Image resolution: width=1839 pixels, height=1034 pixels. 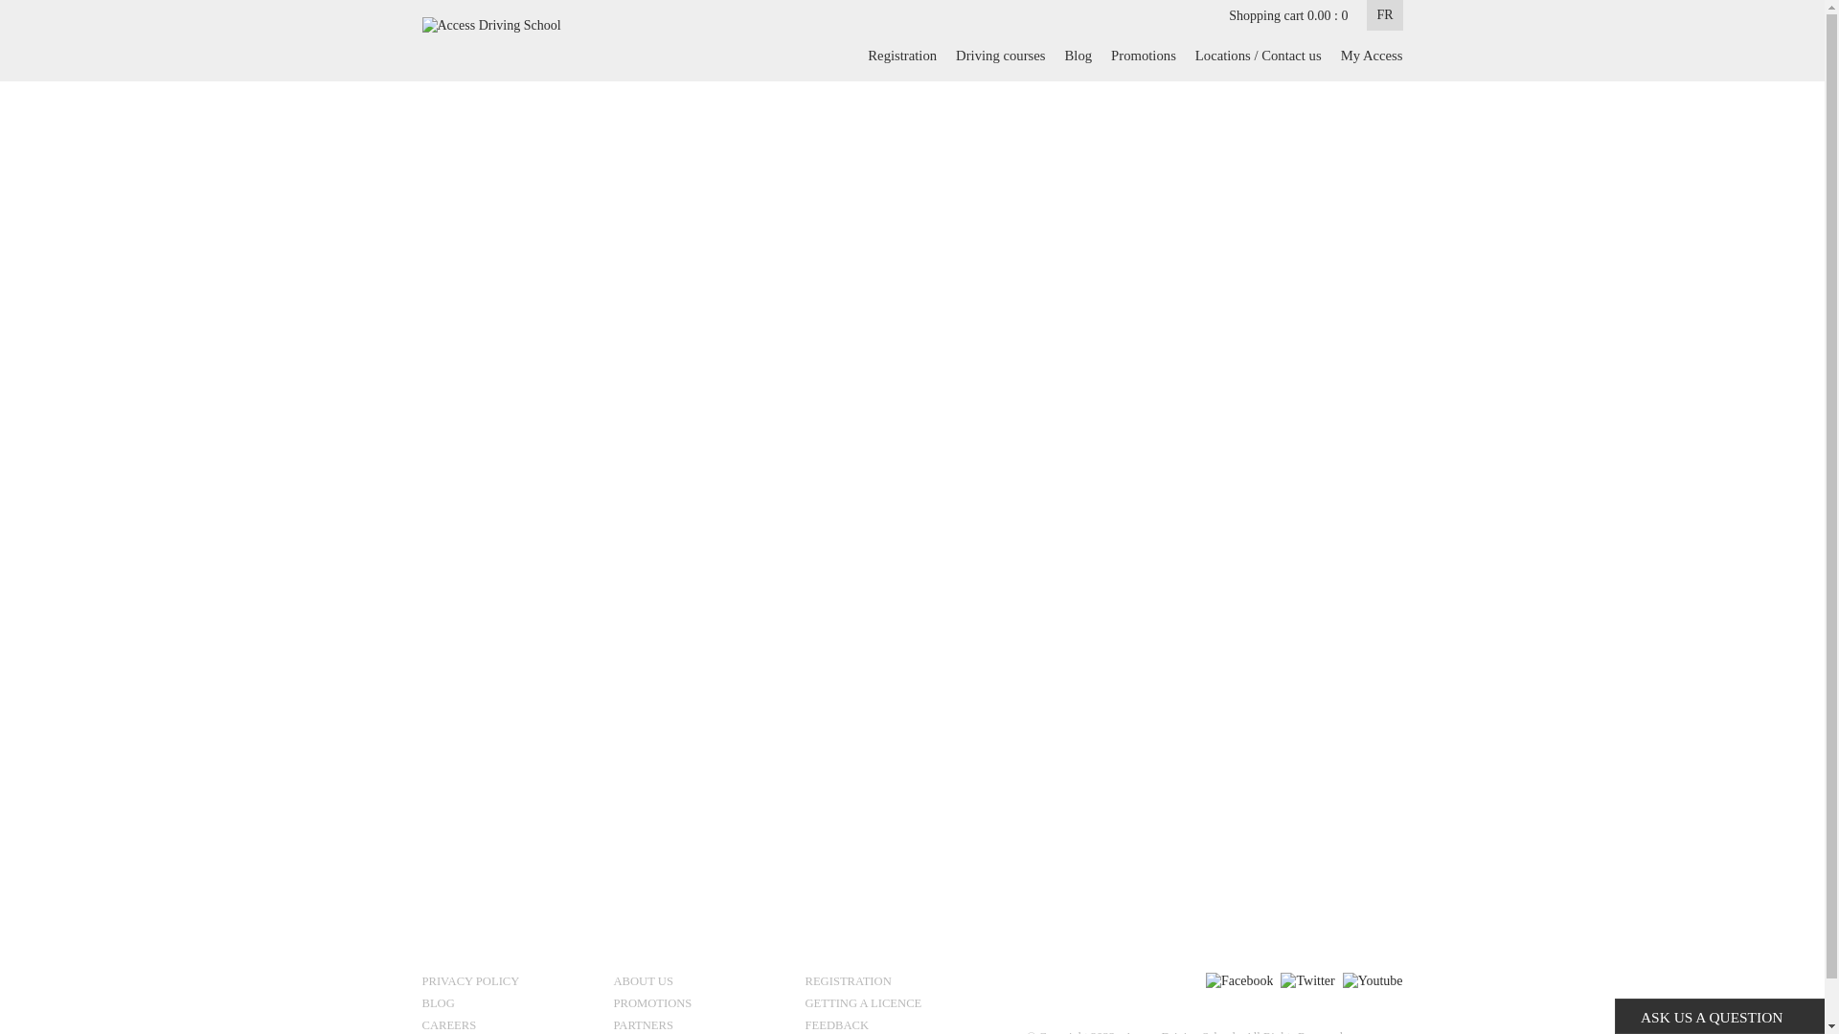 What do you see at coordinates (510, 983) in the screenshot?
I see `'PRIVACY POLICY'` at bounding box center [510, 983].